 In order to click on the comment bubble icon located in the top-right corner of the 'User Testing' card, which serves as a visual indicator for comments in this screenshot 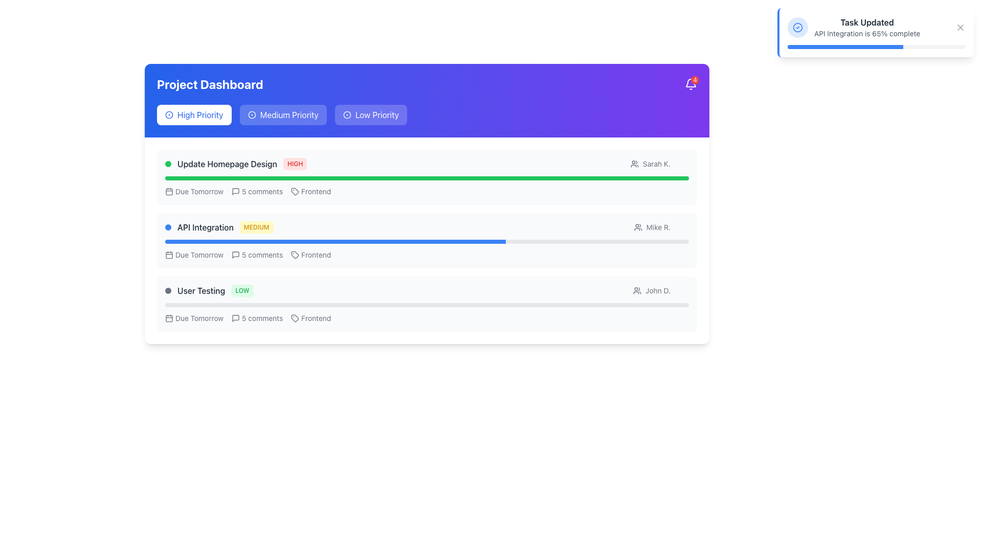, I will do `click(235, 318)`.